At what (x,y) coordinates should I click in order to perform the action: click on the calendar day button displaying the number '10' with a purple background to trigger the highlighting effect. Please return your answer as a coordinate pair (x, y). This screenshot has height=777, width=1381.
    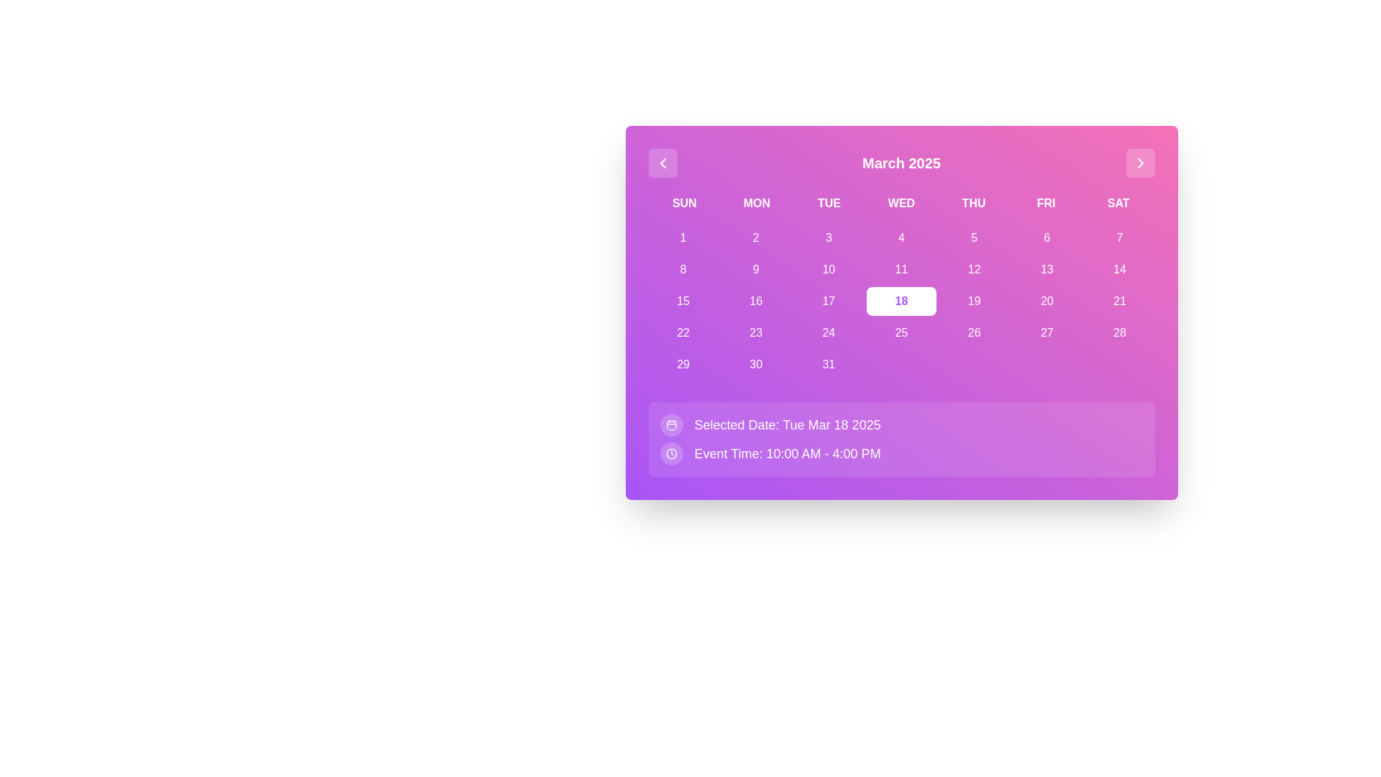
    Looking at the image, I should click on (829, 269).